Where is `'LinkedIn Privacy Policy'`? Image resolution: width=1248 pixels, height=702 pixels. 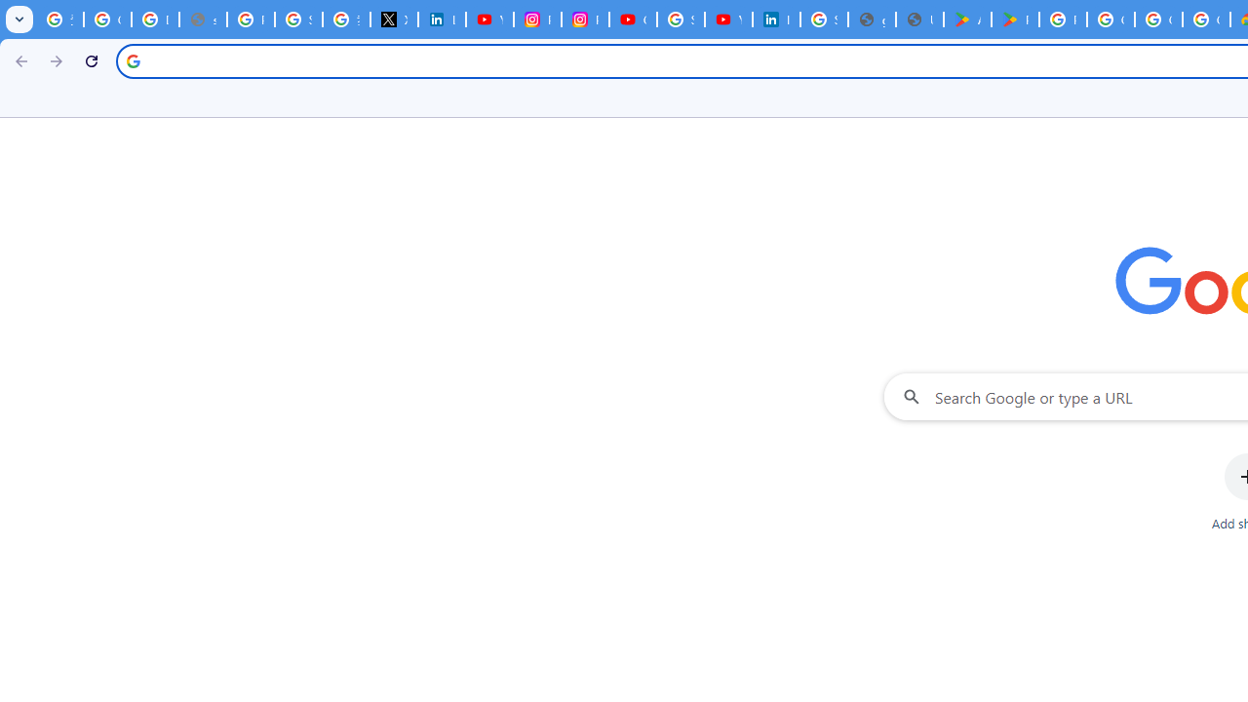
'LinkedIn Privacy Policy' is located at coordinates (441, 19).